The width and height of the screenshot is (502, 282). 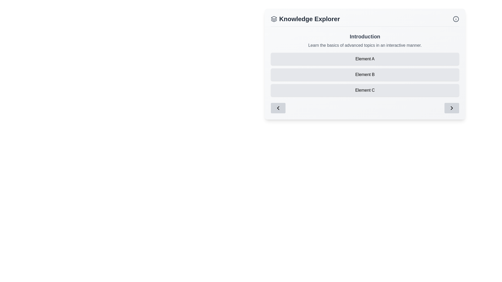 What do you see at coordinates (365, 73) in the screenshot?
I see `the selectable list item labeled 'Element B', which is the second item in a vertical list with a light gray background and rounded corners, located below 'Element A'` at bounding box center [365, 73].